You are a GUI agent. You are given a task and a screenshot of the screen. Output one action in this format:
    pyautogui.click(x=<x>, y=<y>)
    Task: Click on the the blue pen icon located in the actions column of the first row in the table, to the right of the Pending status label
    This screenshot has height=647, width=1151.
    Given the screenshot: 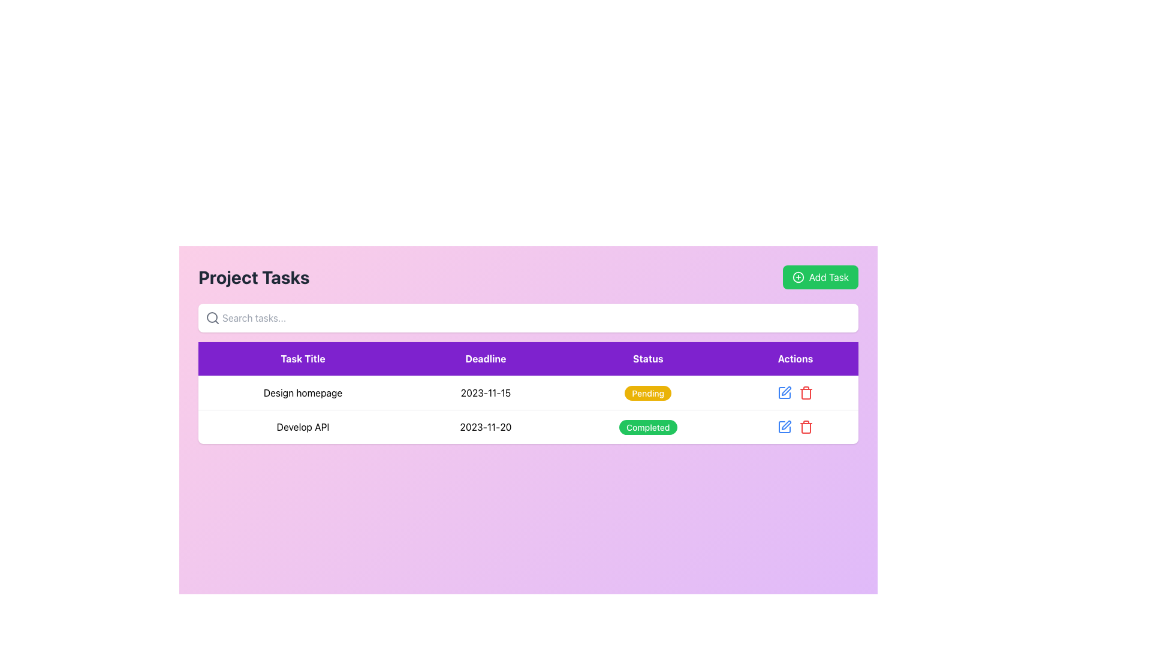 What is the action you would take?
    pyautogui.click(x=795, y=392)
    